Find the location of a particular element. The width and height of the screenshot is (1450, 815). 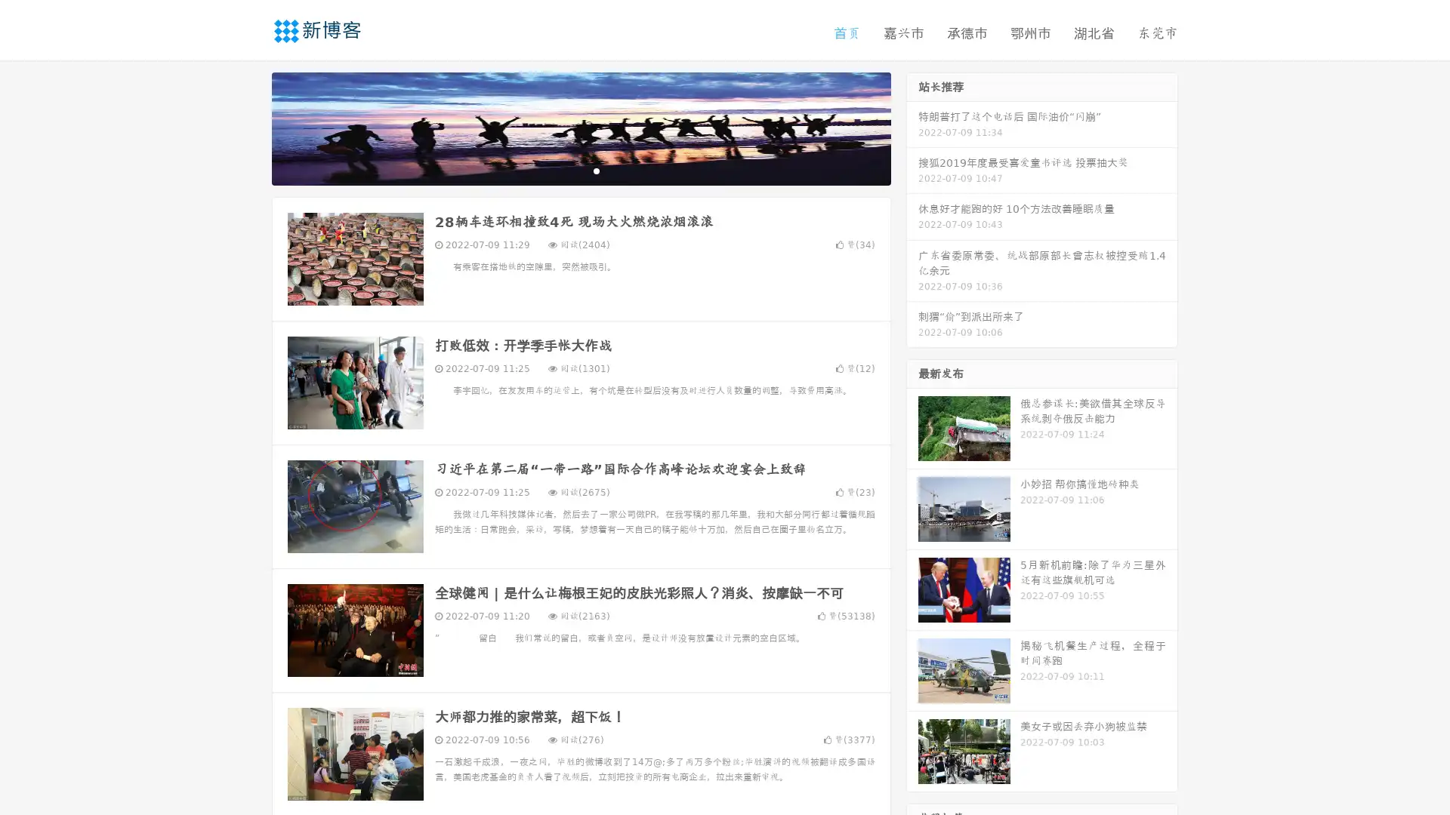

Go to slide 3 is located at coordinates (596, 170).